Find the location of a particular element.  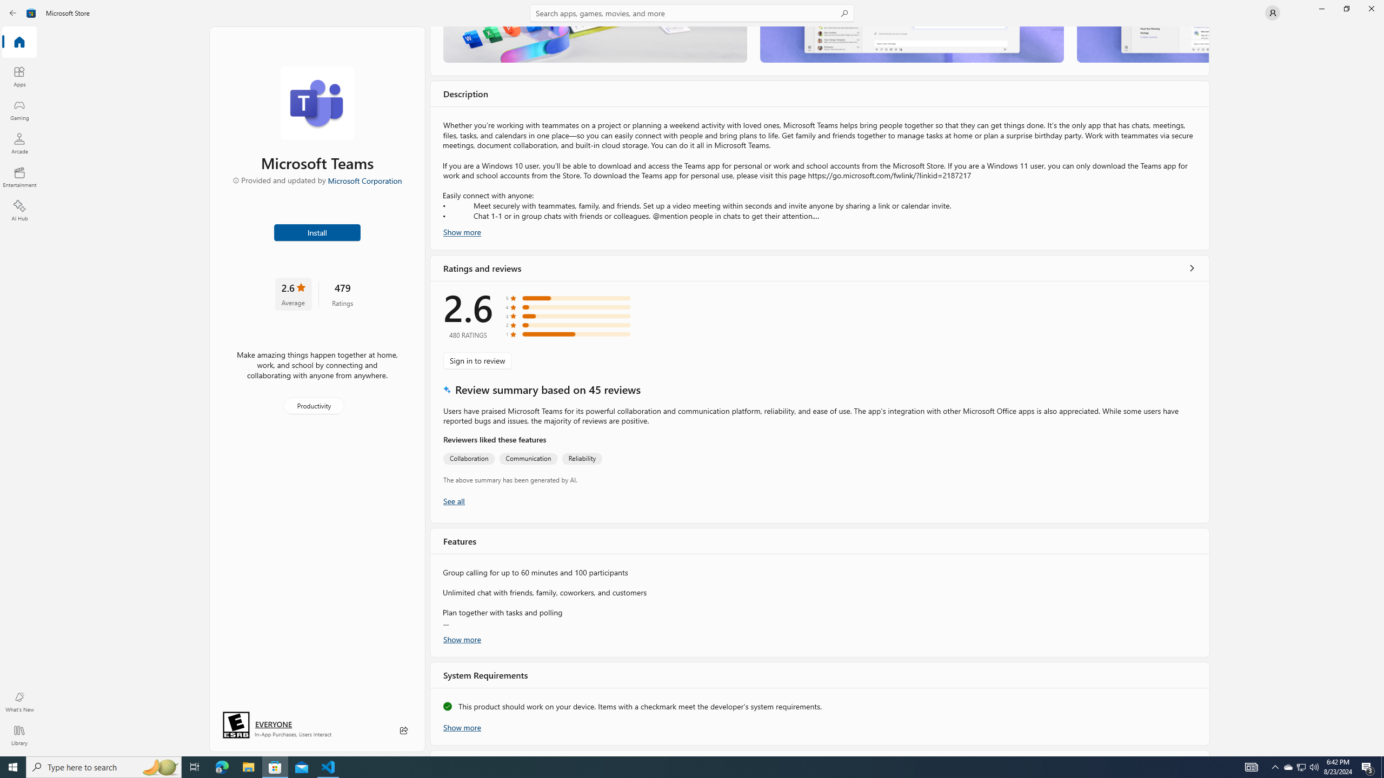

'2.6 stars. Click to skip to ratings and reviews' is located at coordinates (292, 293).